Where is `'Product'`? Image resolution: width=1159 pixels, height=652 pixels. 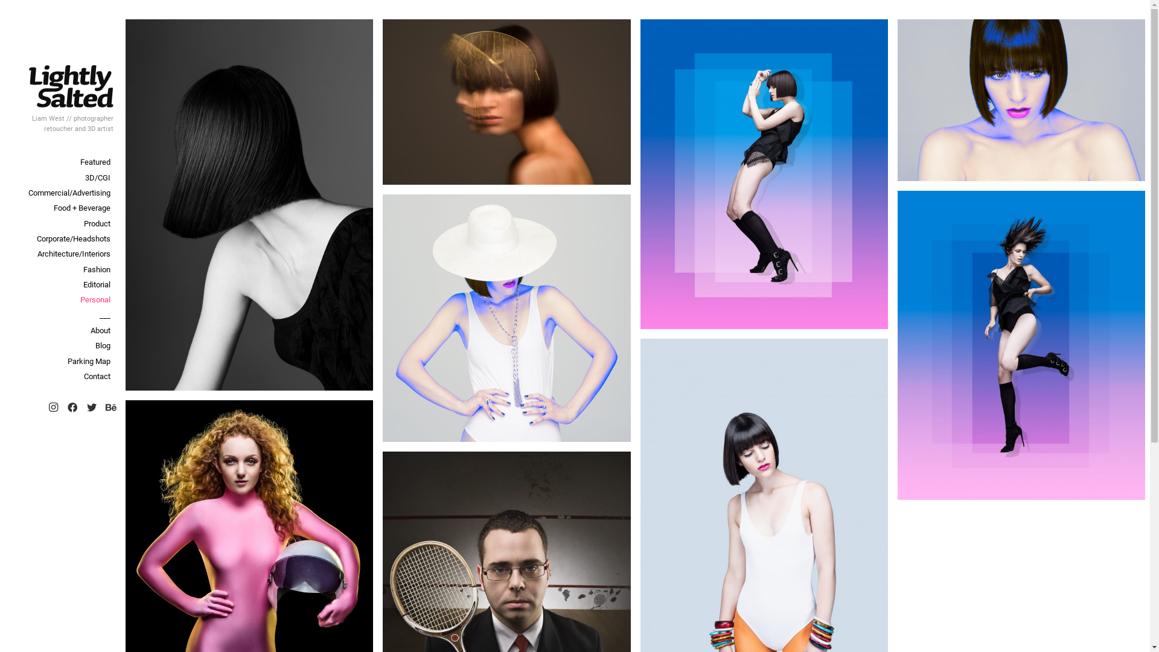
'Product' is located at coordinates (60, 223).